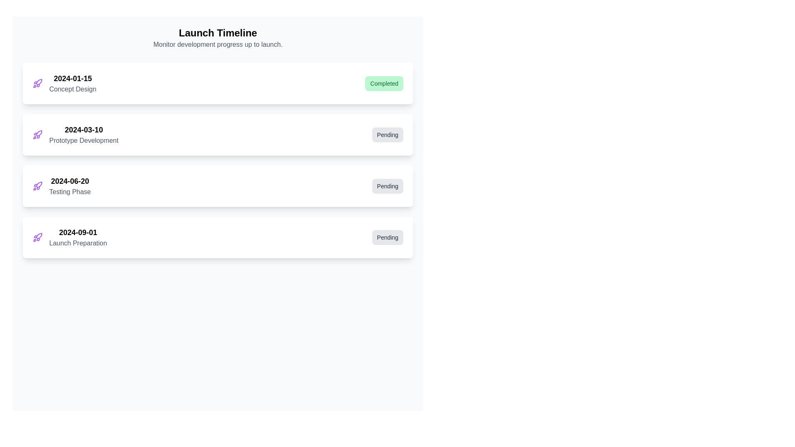 Image resolution: width=795 pixels, height=447 pixels. What do you see at coordinates (70, 238) in the screenshot?
I see `the fourth item in the vertical list that displays the date '2024-09-01' and the task 'Launch Preparation', which is located at the bottom of the visible list` at bounding box center [70, 238].